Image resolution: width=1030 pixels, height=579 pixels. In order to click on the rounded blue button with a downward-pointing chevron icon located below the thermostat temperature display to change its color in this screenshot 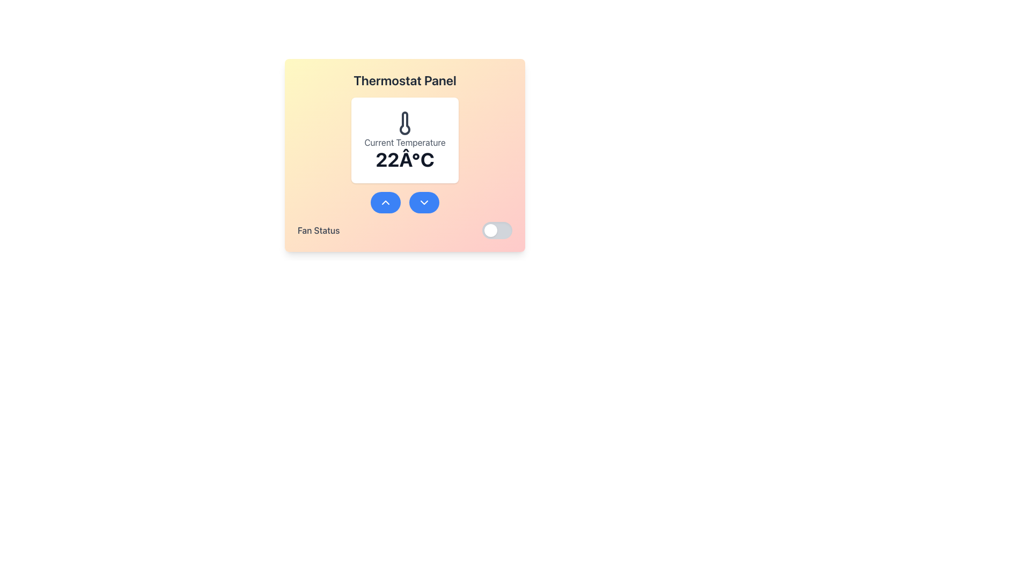, I will do `click(424, 203)`.